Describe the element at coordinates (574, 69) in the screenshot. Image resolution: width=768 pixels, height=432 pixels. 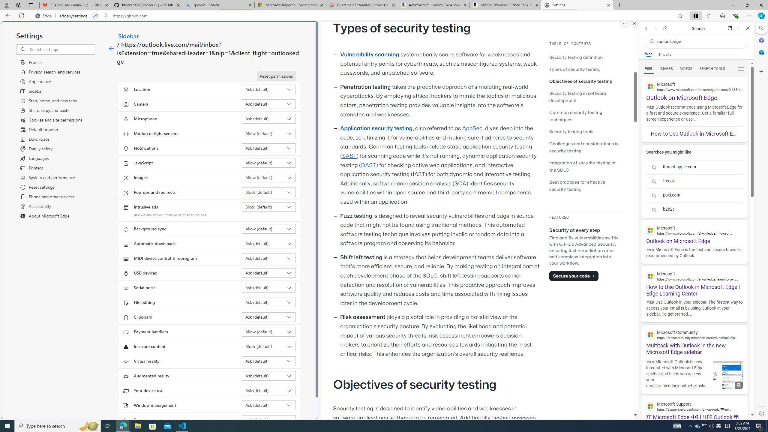
I see `'Types of security testing'` at that location.